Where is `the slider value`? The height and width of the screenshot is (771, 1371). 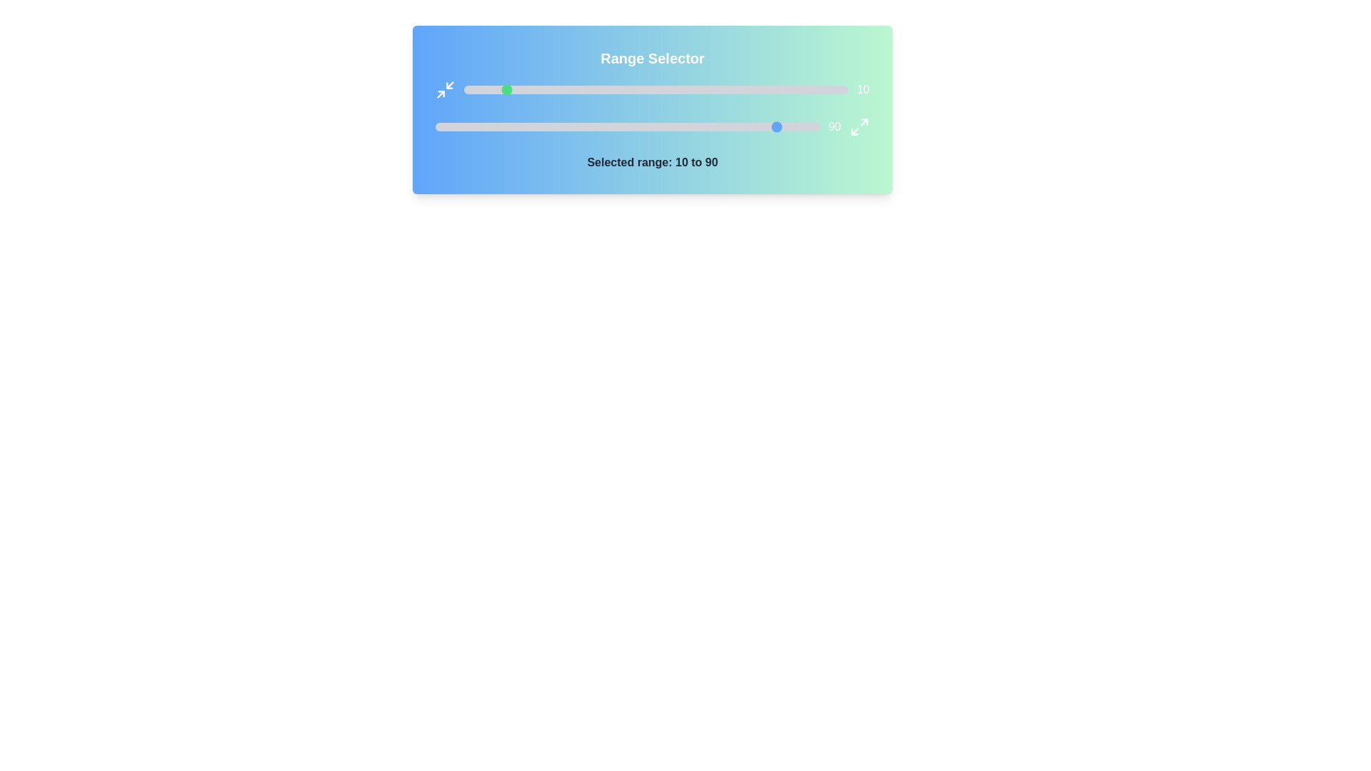
the slider value is located at coordinates (489, 126).